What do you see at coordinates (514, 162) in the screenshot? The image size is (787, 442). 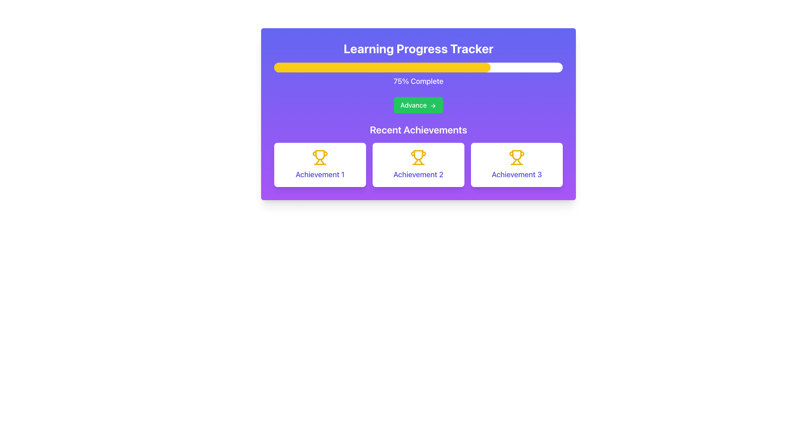 I see `the achievement trophy icon located in the third card labeled 'Achievement 3', which is positioned on the rightmost side of a row of three cards` at bounding box center [514, 162].